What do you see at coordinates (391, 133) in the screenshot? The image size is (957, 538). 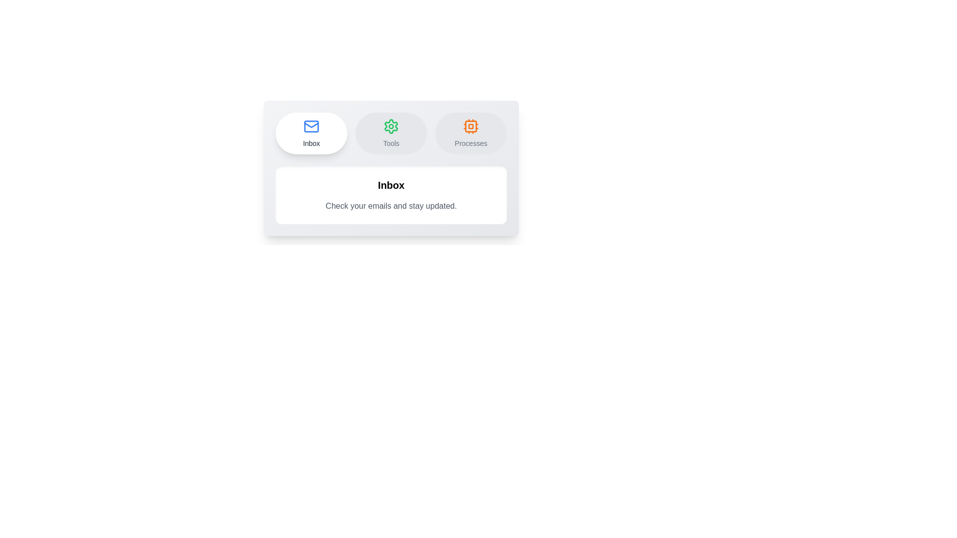 I see `the Tools tab by clicking on its respective button` at bounding box center [391, 133].